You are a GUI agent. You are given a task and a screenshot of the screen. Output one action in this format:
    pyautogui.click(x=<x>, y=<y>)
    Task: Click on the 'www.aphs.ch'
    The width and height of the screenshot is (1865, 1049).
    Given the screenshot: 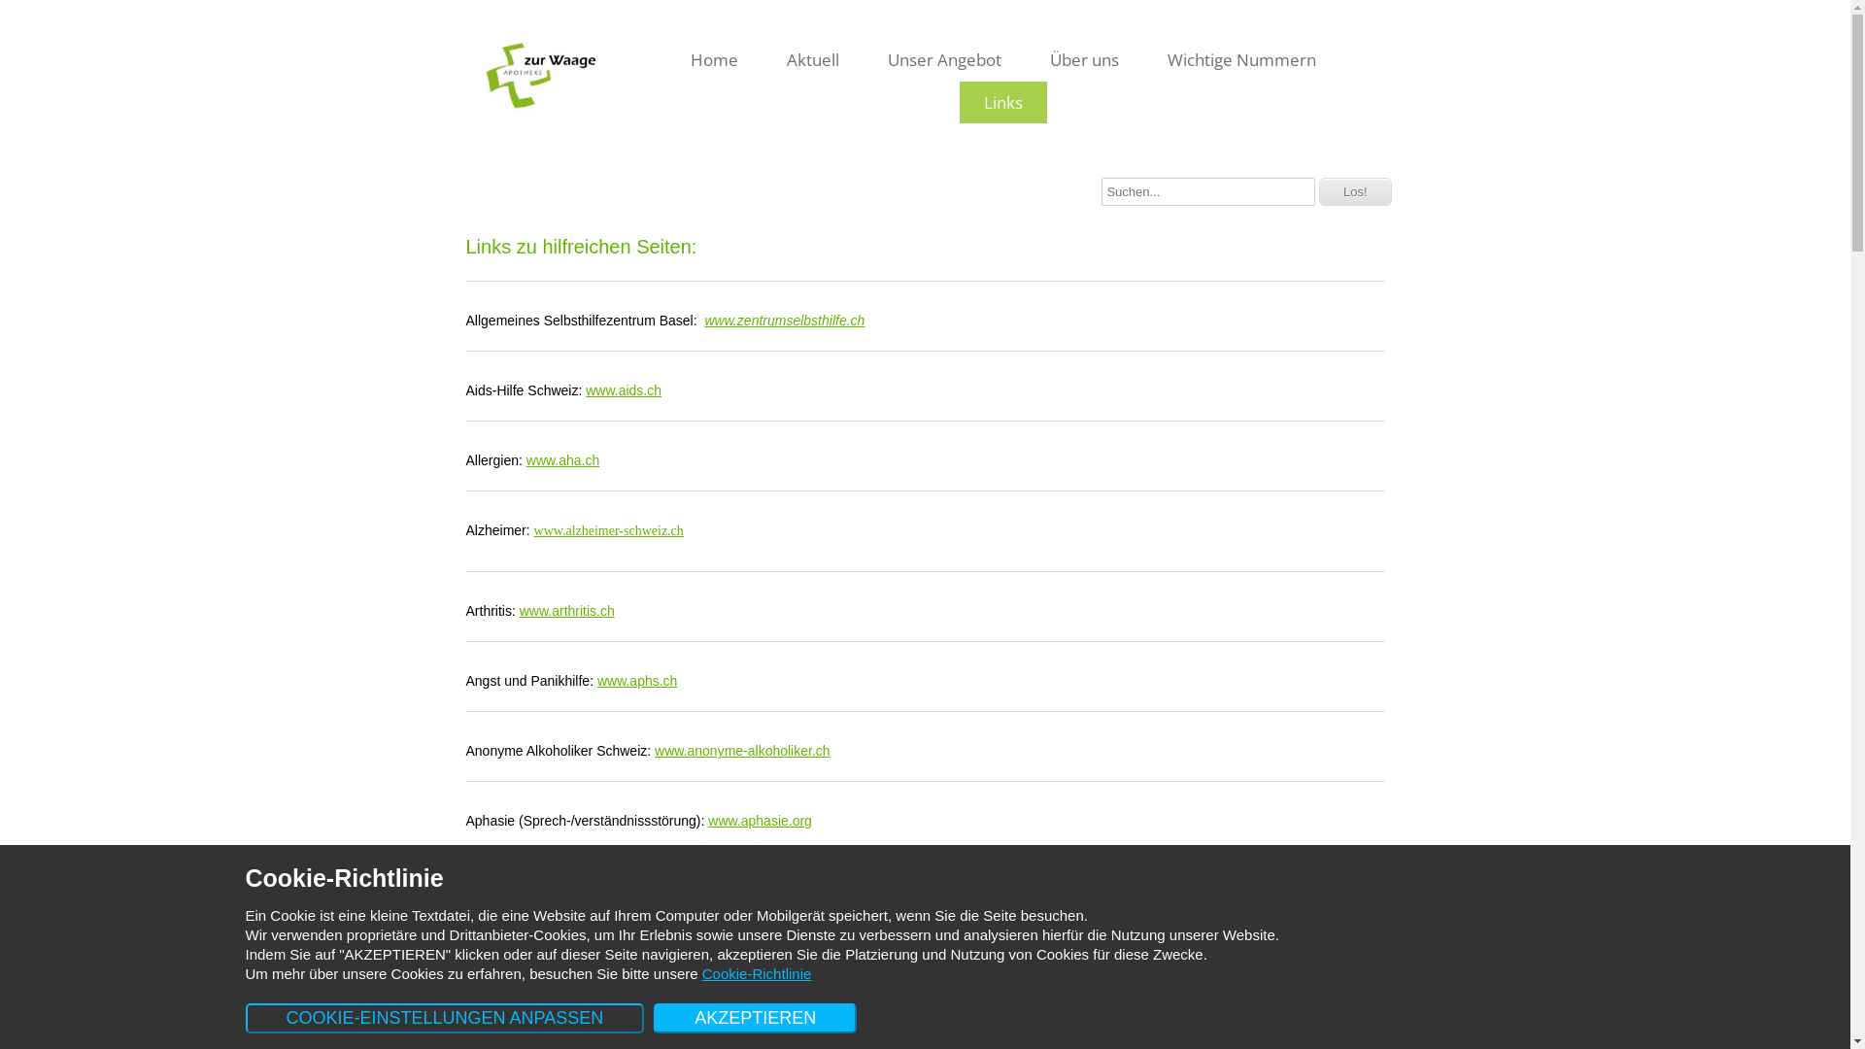 What is the action you would take?
    pyautogui.click(x=637, y=680)
    